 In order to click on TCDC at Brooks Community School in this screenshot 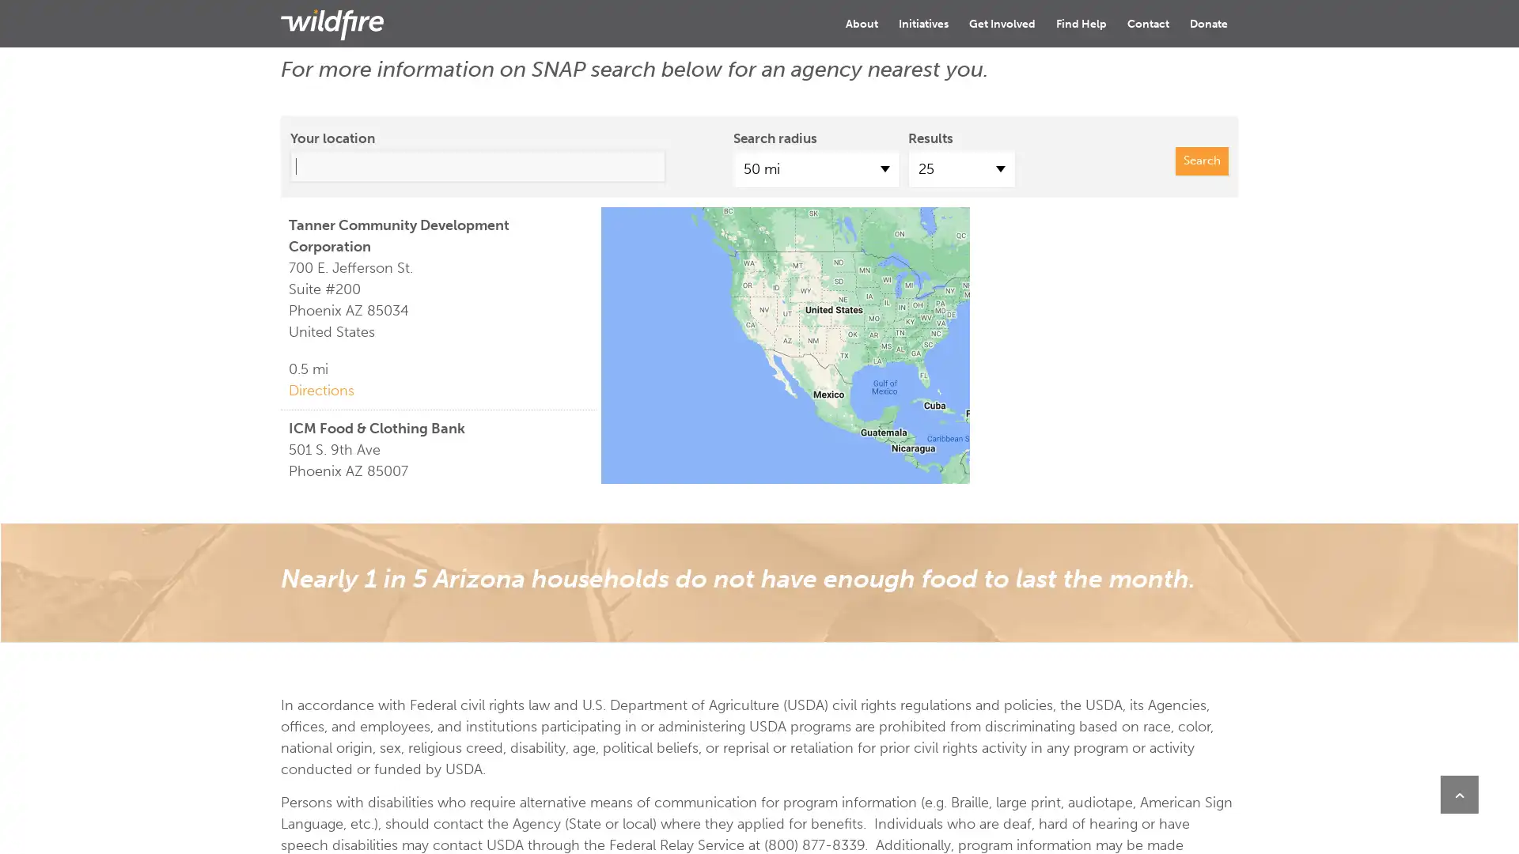, I will do `click(945, 365)`.